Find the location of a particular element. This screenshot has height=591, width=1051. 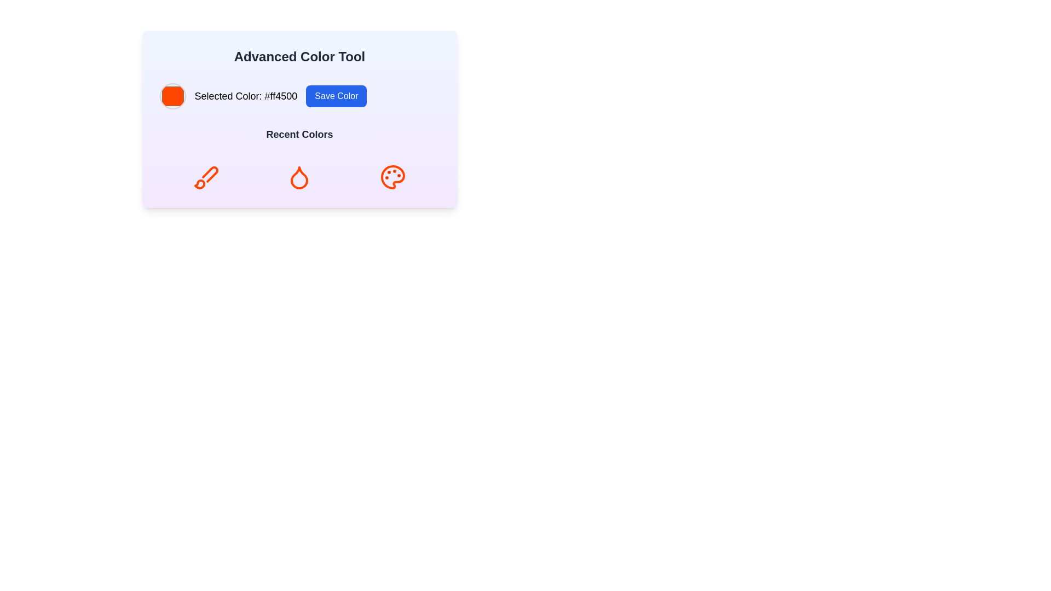

the rightmost color palette icon in the row of recent color tools is located at coordinates (393, 177).